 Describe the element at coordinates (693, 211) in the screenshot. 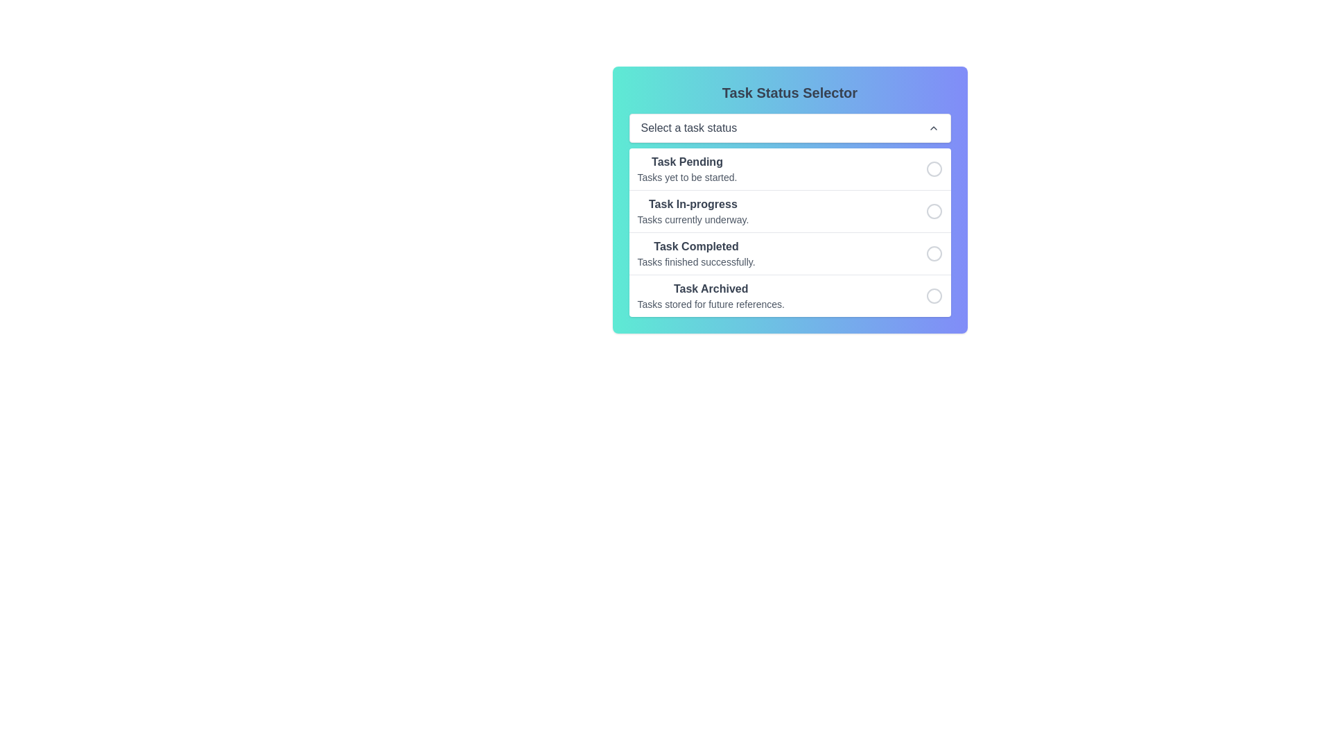

I see `the second list item indicating task status, which displays the current progress of tasks and is located under the heading 'Select a task status.'` at that location.